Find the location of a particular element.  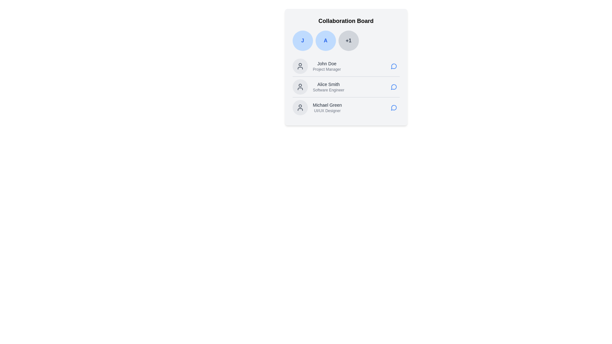

the first user icon for 'John Doe' in the 'Collaboration Board' panel, which is represented by a stylized circle with a gray background is located at coordinates (300, 66).